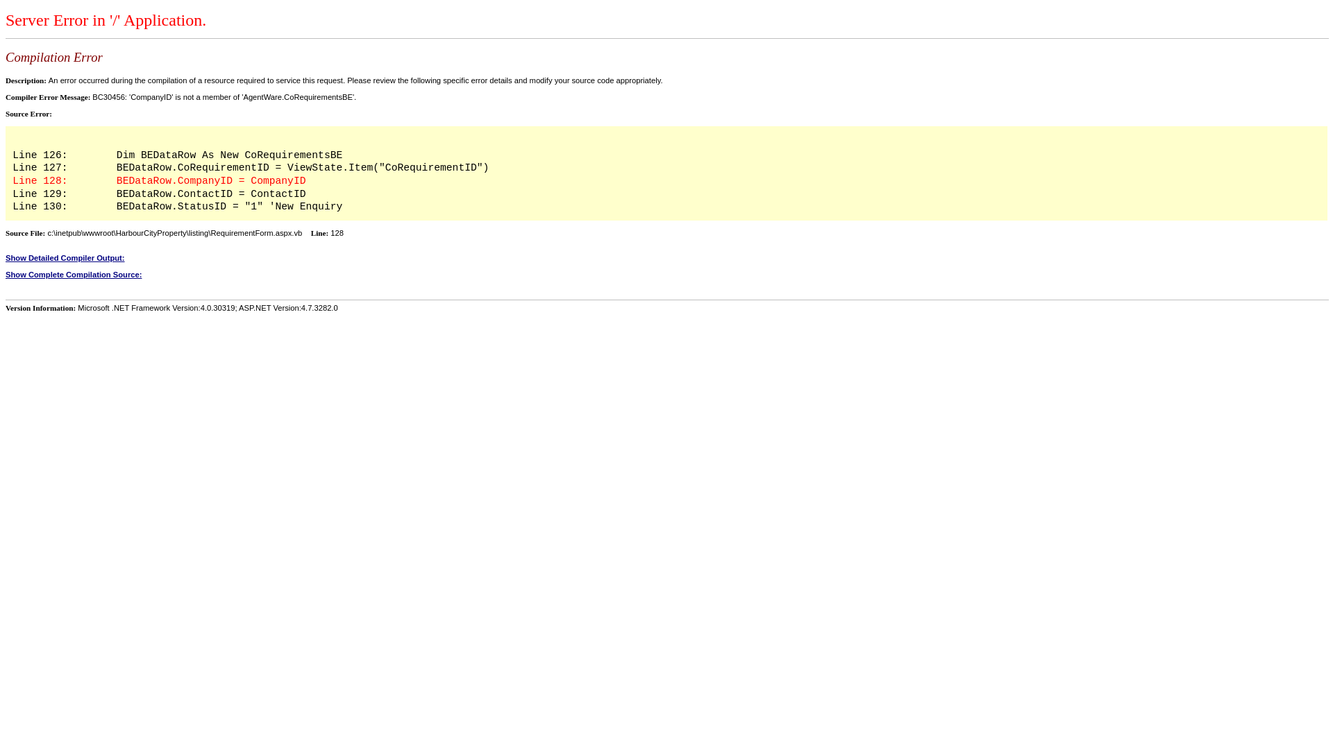 The height and width of the screenshot is (749, 1333). What do you see at coordinates (6, 257) in the screenshot?
I see `'Show Detailed Compiler Output:'` at bounding box center [6, 257].